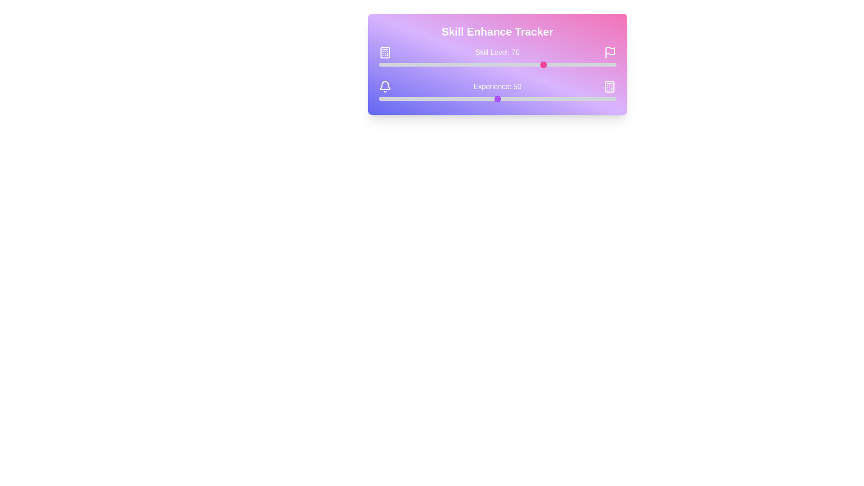 The image size is (864, 486). Describe the element at coordinates (604, 64) in the screenshot. I see `the skill level slider to 95, where 95 is a value between 0 and 100` at that location.